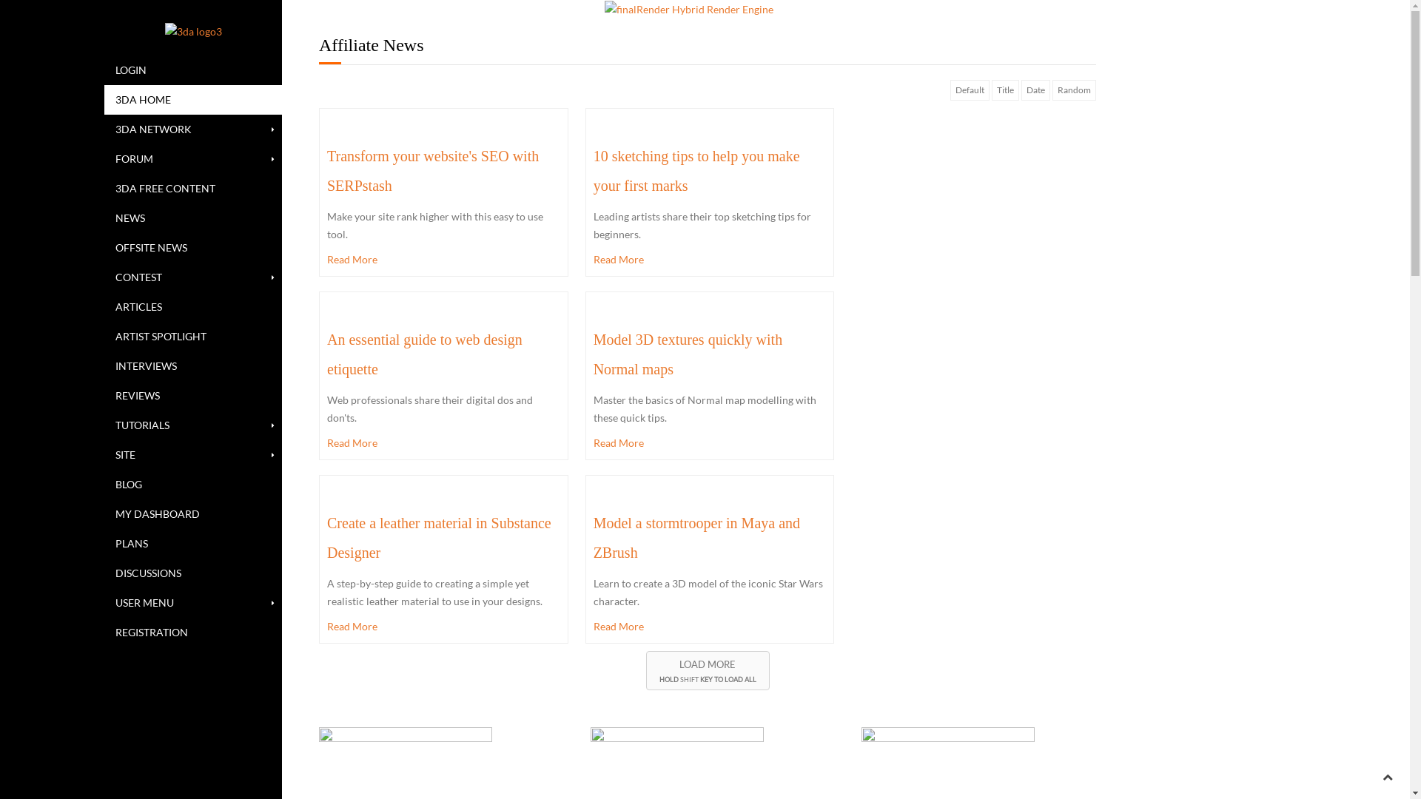 Image resolution: width=1421 pixels, height=799 pixels. Describe the element at coordinates (604, 9) in the screenshot. I see `'finalRender Hybrid Render Engine'` at that location.